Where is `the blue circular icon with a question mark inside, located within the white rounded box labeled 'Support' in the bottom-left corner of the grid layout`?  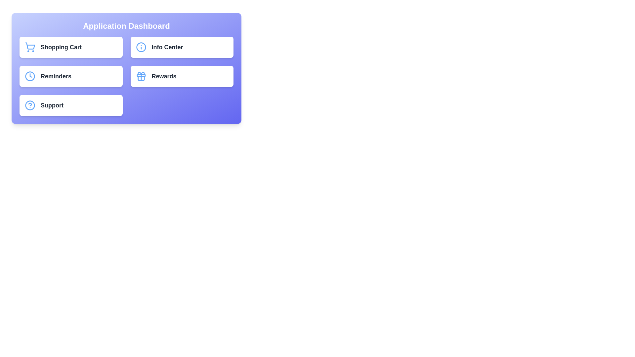
the blue circular icon with a question mark inside, located within the white rounded box labeled 'Support' in the bottom-left corner of the grid layout is located at coordinates (30, 105).